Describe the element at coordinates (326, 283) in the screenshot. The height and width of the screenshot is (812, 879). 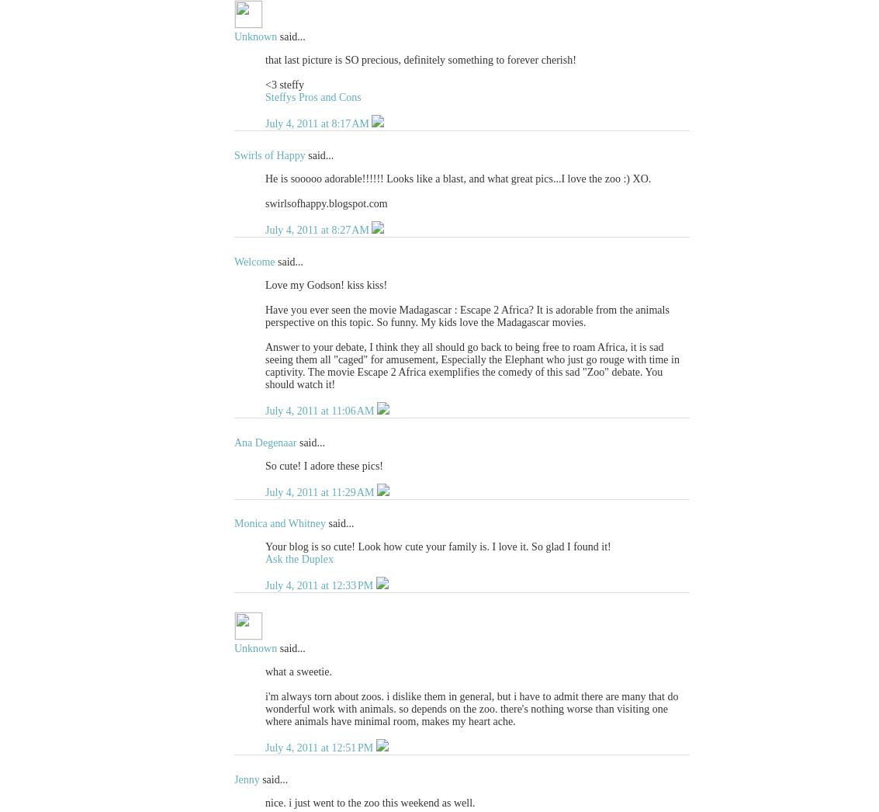
I see `'Love my Godson! kiss kiss!'` at that location.